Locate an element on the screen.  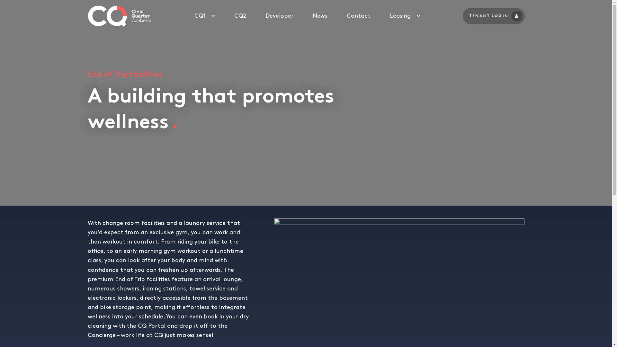
'Developer' is located at coordinates (255, 16).